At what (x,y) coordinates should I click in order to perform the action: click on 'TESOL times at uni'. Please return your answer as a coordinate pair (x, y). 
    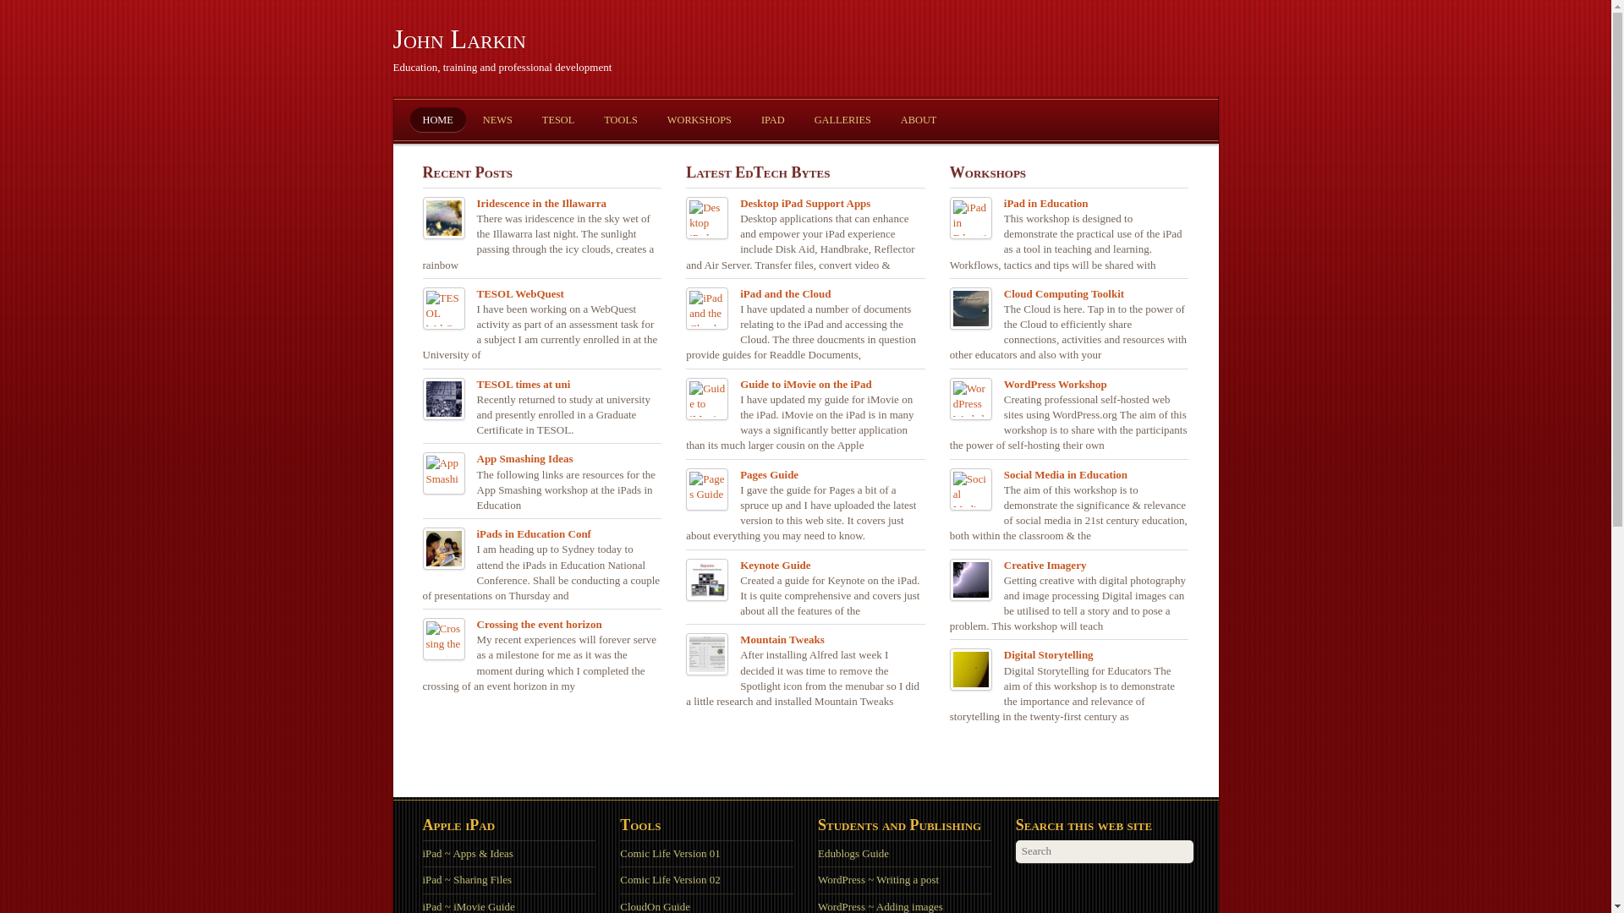
    Looking at the image, I should click on (476, 385).